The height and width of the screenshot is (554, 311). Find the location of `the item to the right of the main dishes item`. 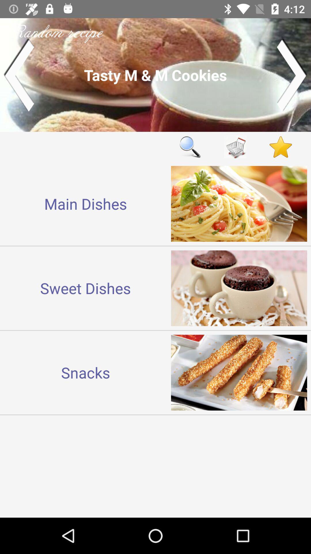

the item to the right of the main dishes item is located at coordinates (190, 147).